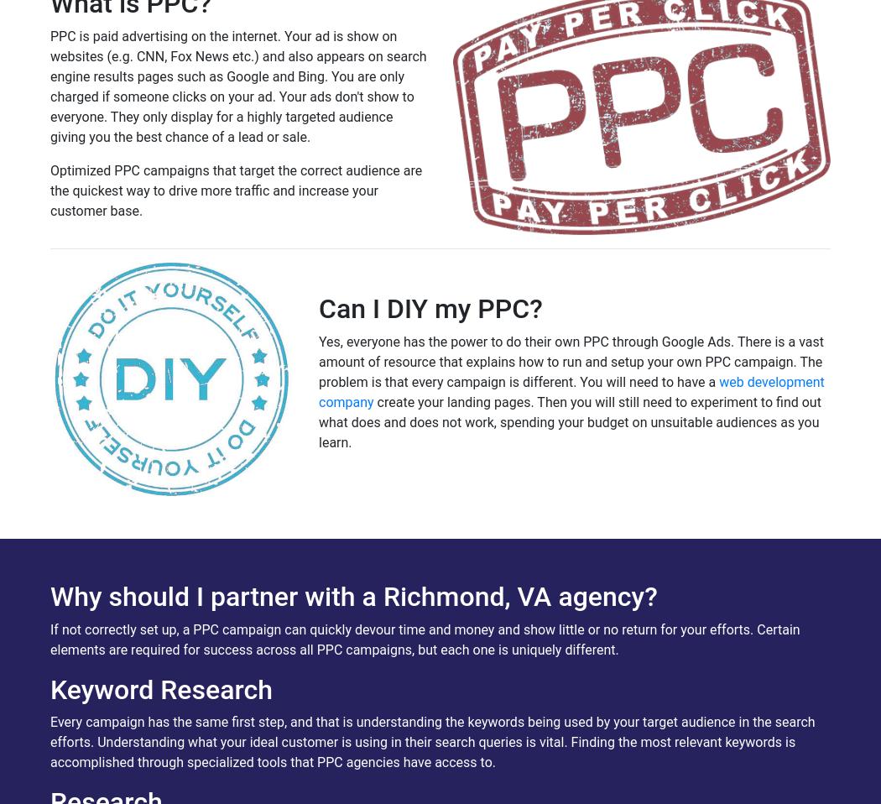  Describe the element at coordinates (235, 189) in the screenshot. I see `'Optimized PPC campaigns that target the correct audience are the quickest way to drive more traffic and increase your customer base.'` at that location.